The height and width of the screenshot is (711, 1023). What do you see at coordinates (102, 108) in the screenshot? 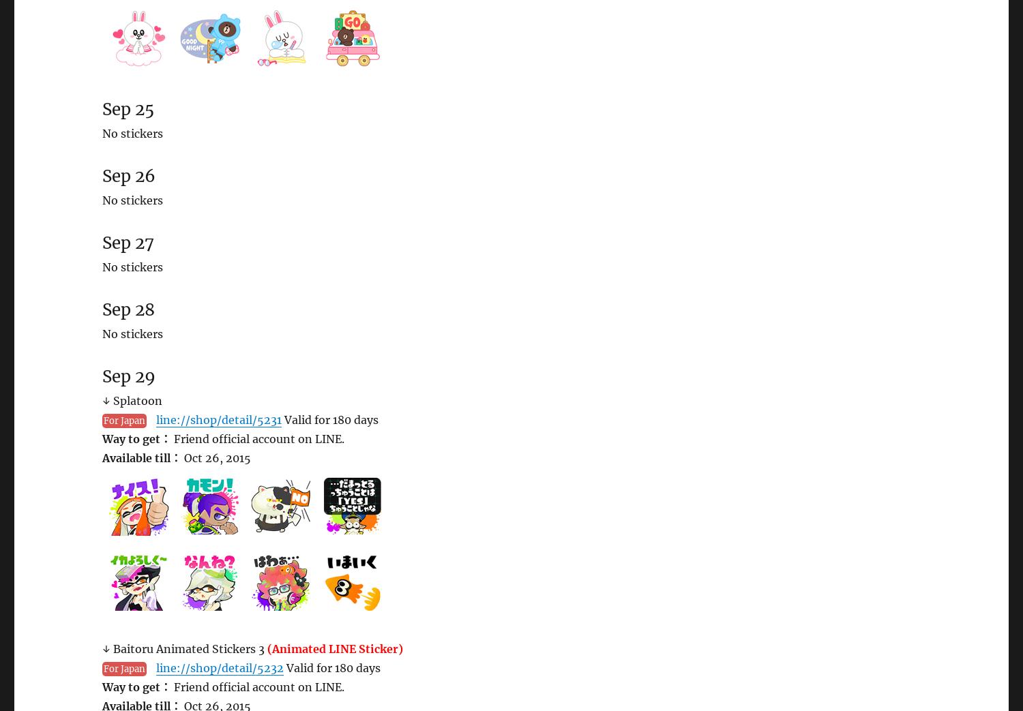
I see `'Sep 25'` at bounding box center [102, 108].